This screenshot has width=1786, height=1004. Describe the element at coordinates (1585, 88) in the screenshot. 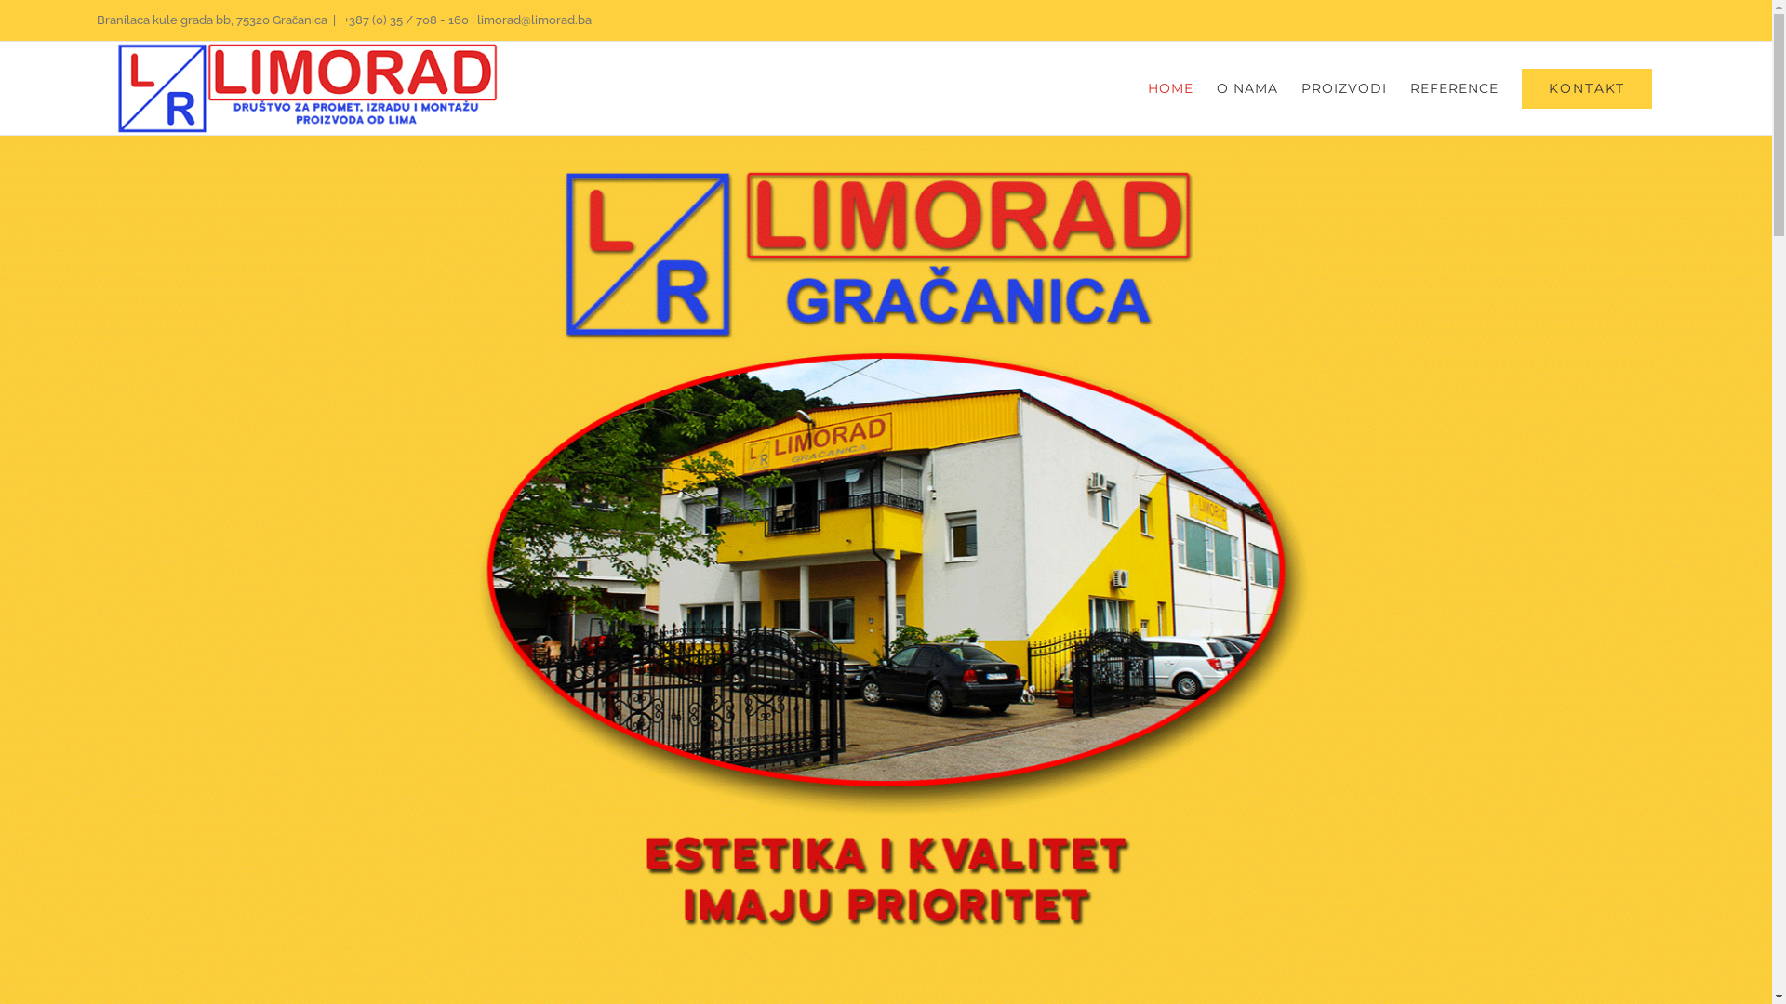

I see `'KONTAKT'` at that location.